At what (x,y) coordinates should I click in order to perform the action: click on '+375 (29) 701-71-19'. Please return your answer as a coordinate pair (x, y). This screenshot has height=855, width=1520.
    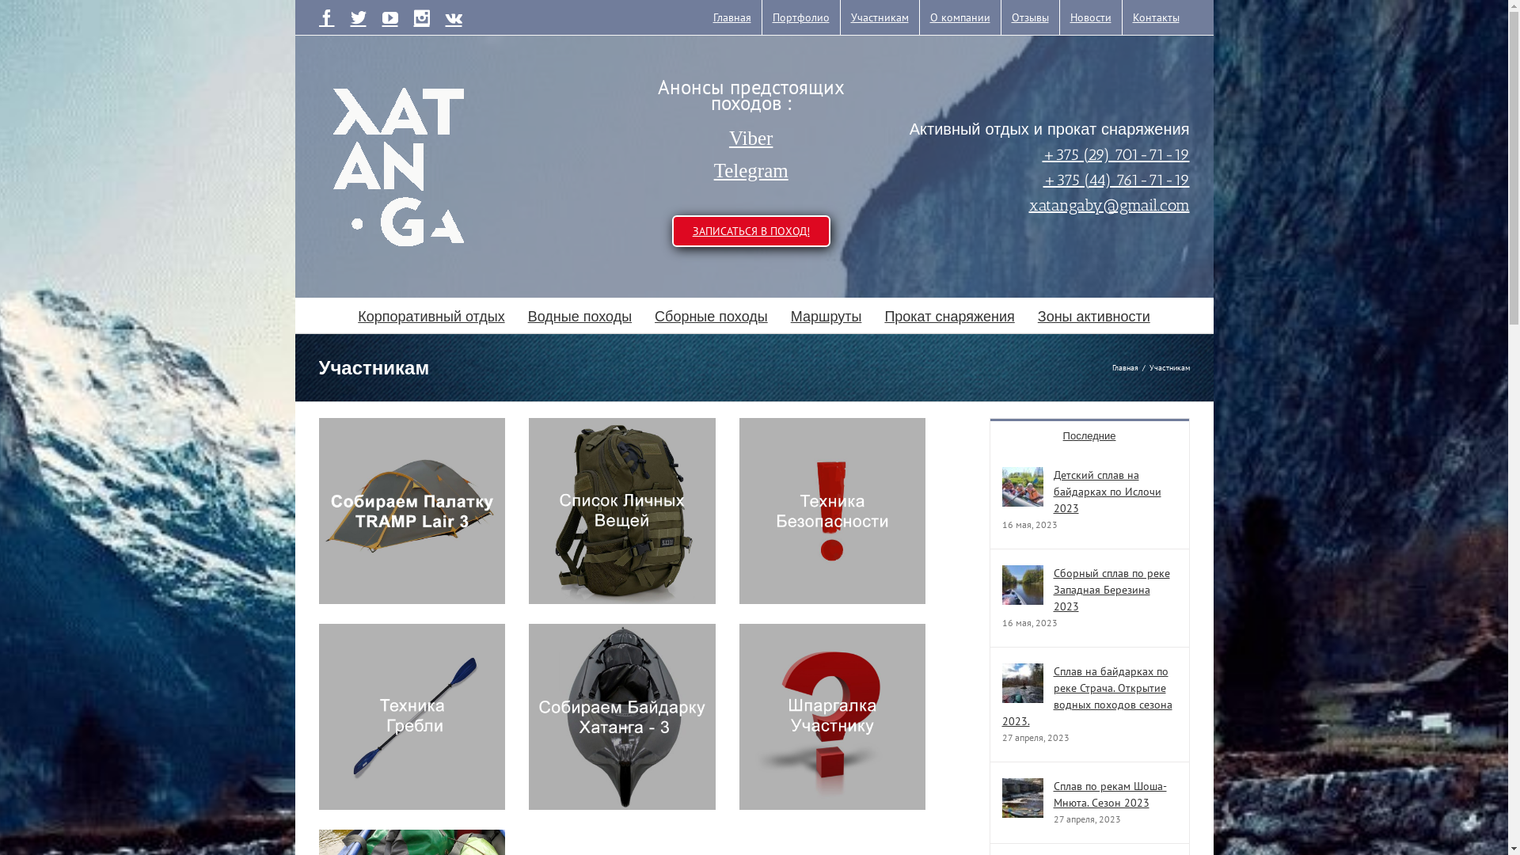
    Looking at the image, I should click on (1041, 153).